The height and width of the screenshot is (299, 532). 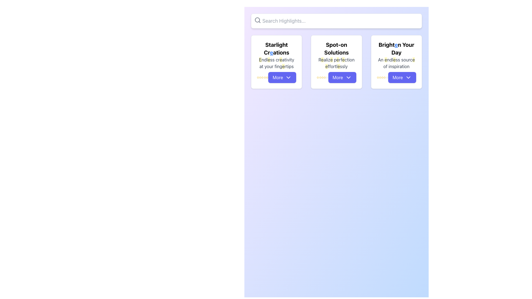 What do you see at coordinates (331, 60) in the screenshot?
I see `the fourth character in the text 'Realize perfection effortlessly' on the 'Spot-on Solutions' card, which is the second card in a set of three` at bounding box center [331, 60].